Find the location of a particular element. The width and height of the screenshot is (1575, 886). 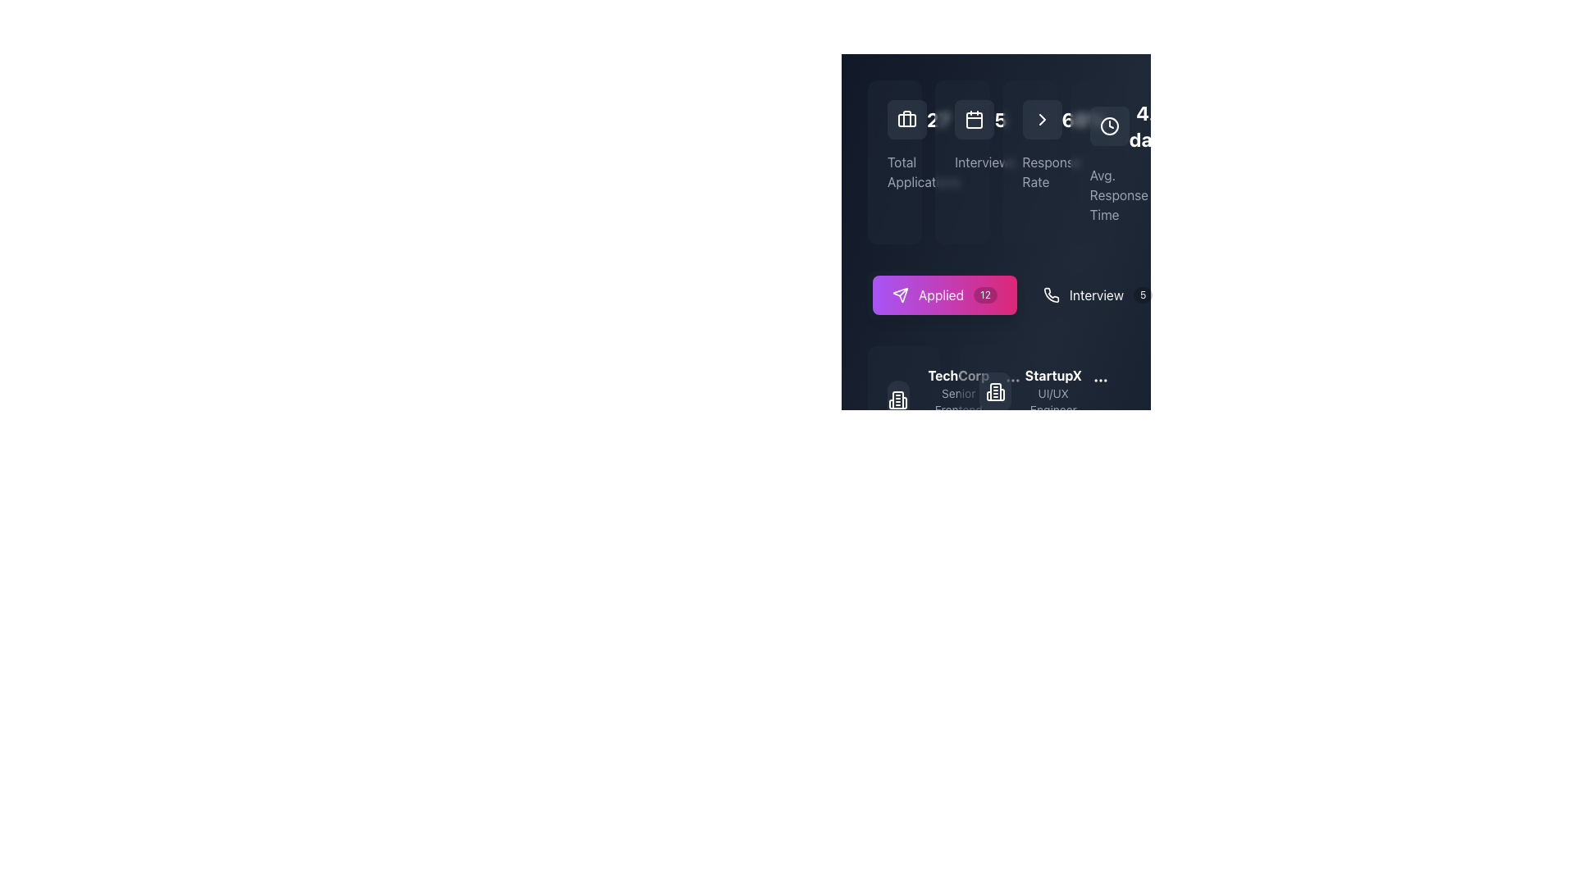

the Badge element next to the 'Applied' button, which indicates the count of items or actions associated with it is located at coordinates (984, 294).